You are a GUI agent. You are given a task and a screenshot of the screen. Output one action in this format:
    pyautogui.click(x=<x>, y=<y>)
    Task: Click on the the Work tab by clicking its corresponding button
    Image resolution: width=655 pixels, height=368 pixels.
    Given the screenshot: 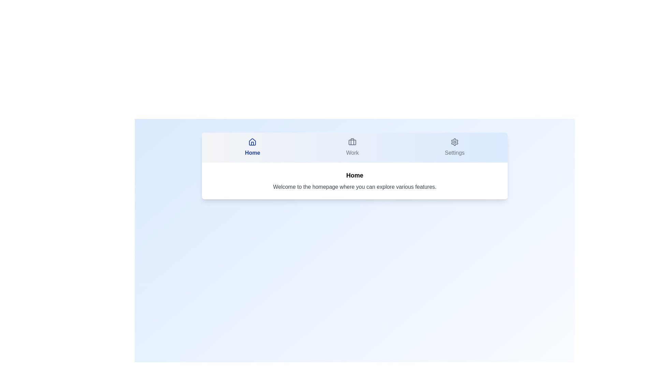 What is the action you would take?
    pyautogui.click(x=352, y=147)
    